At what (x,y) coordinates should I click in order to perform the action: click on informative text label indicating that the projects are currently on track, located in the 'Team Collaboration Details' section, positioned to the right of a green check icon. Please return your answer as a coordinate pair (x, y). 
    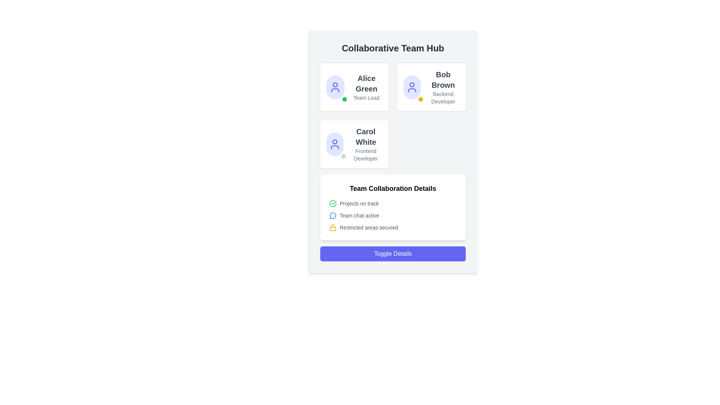
    Looking at the image, I should click on (359, 204).